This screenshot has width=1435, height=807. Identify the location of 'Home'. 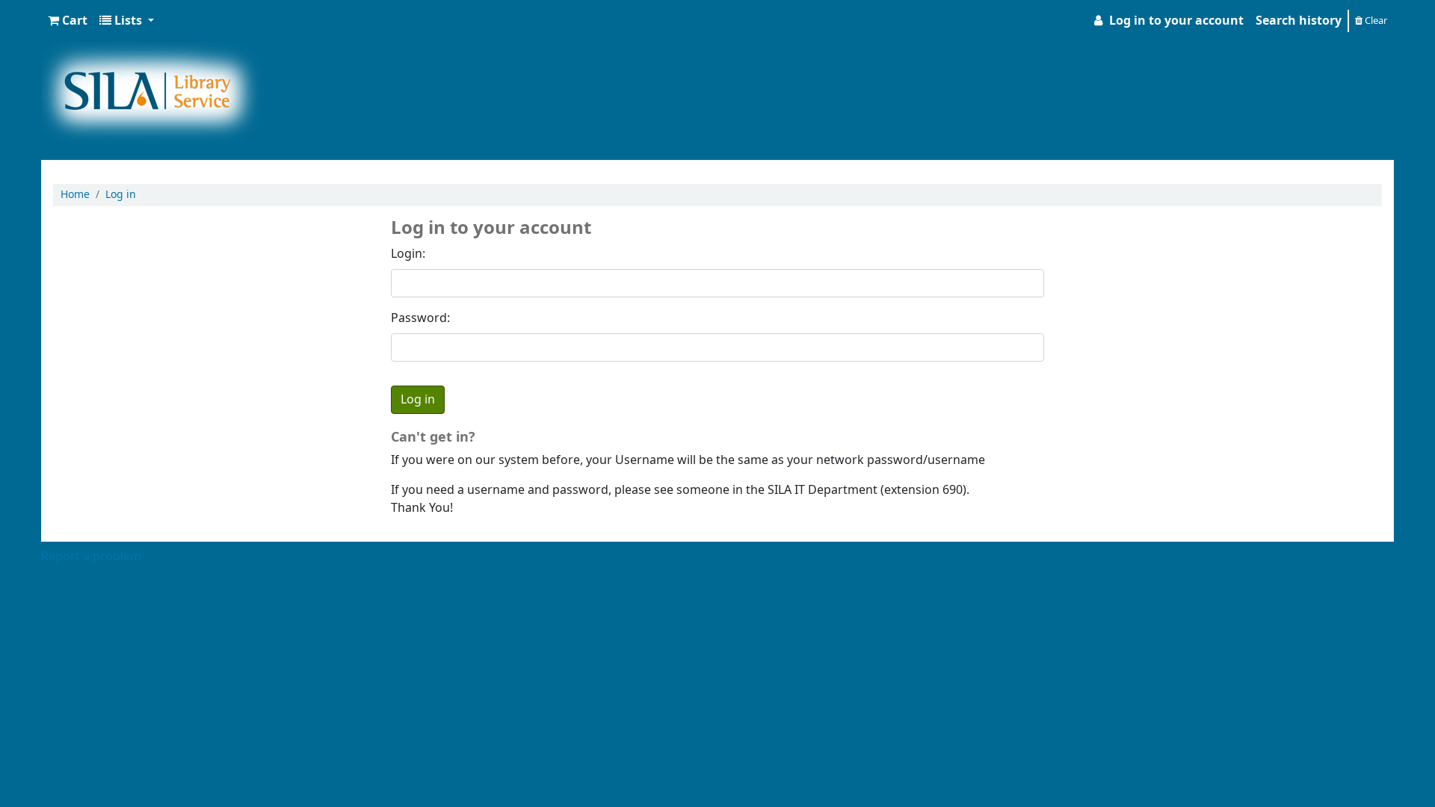
(60, 194).